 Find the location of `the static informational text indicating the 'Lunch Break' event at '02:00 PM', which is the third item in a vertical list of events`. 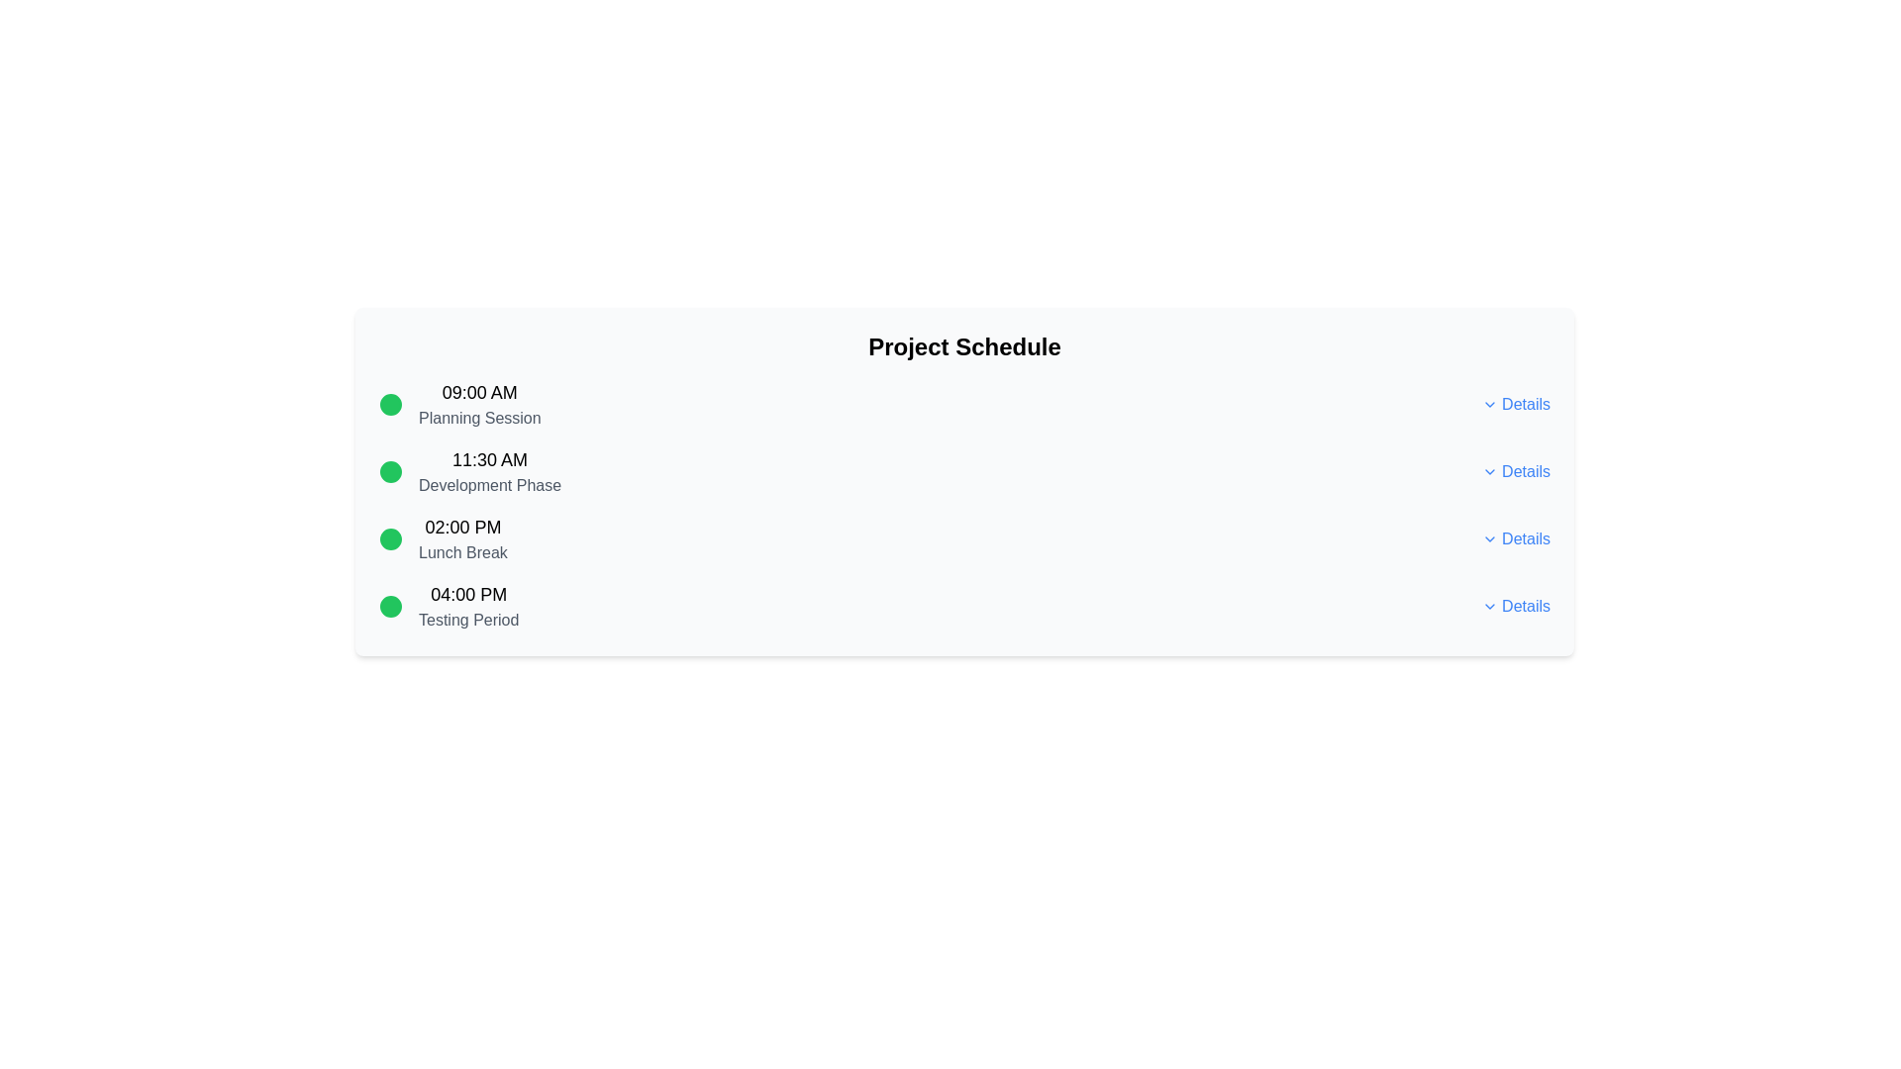

the static informational text indicating the 'Lunch Break' event at '02:00 PM', which is the third item in a vertical list of events is located at coordinates (461, 538).